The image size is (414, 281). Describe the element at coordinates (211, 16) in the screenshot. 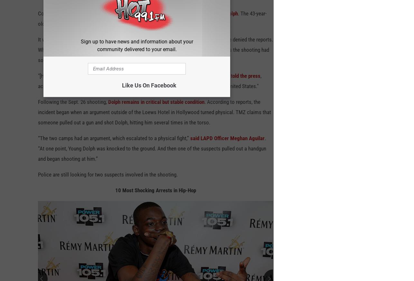

I see `'Young Dolph'` at that location.